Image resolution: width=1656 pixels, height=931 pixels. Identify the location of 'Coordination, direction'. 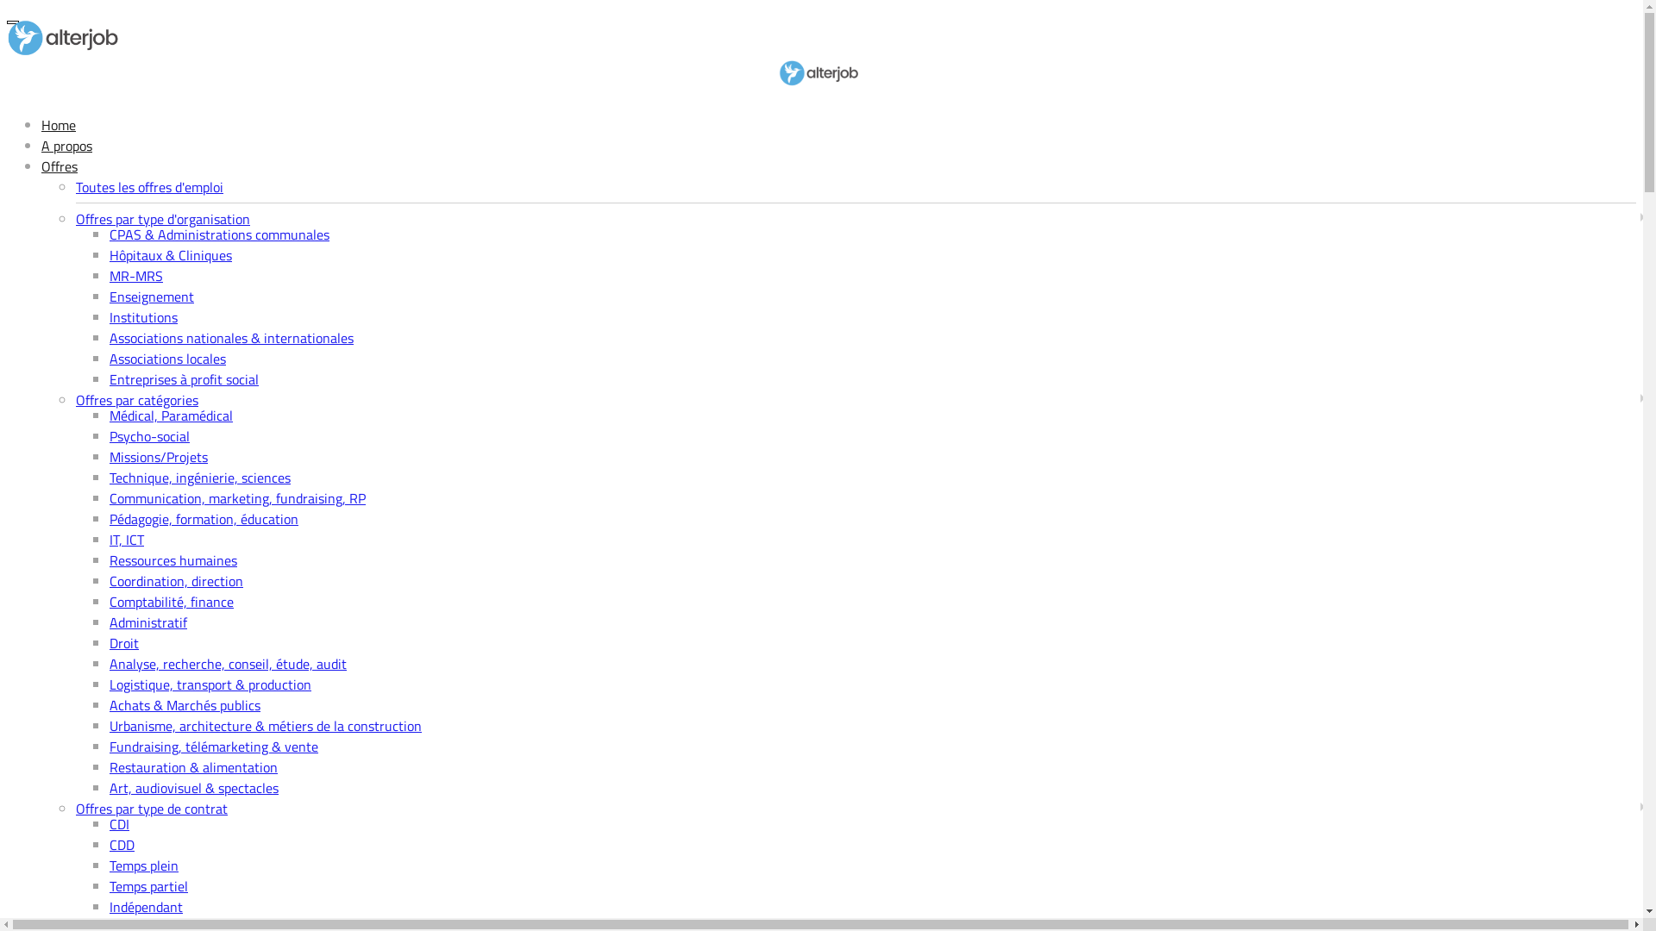
(176, 581).